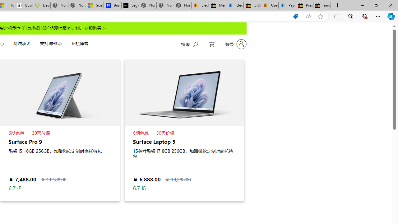 Image resolution: width=398 pixels, height=224 pixels. Describe the element at coordinates (391, 16) in the screenshot. I see `'Copilot (Ctrl+Shift+.)'` at that location.